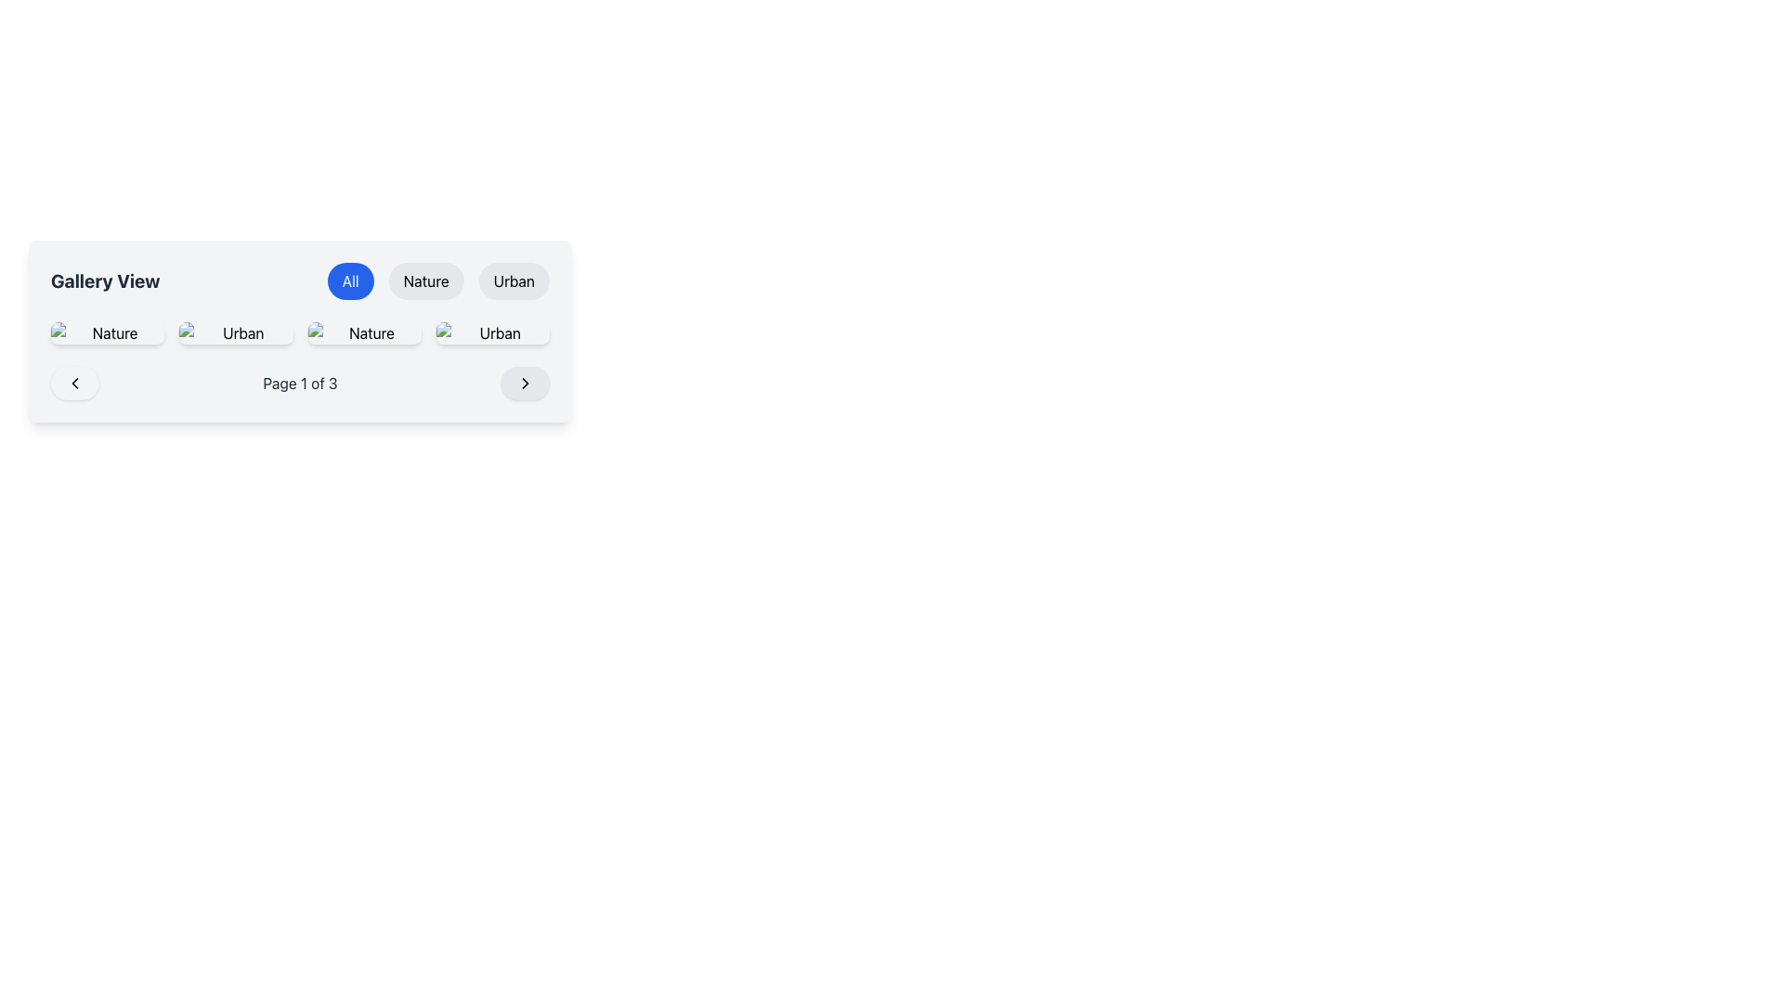  I want to click on the 'Nature' button, so click(107, 332).